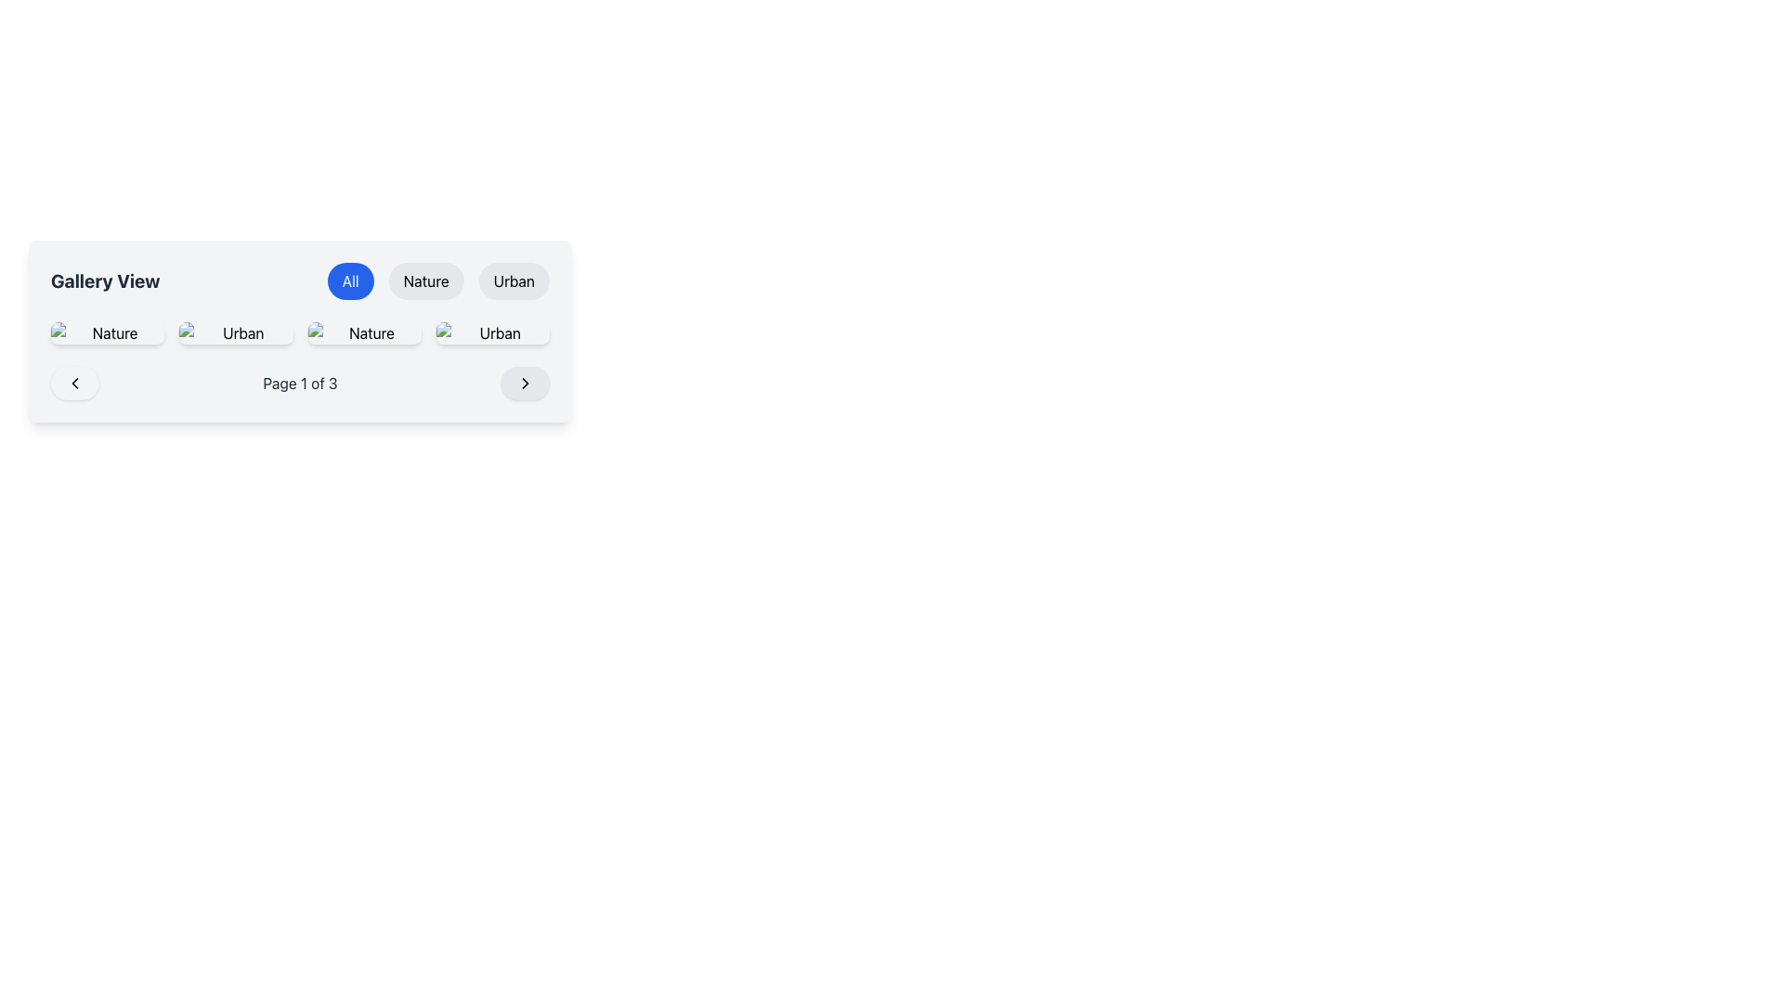  I want to click on the 'Nature' button, so click(107, 332).